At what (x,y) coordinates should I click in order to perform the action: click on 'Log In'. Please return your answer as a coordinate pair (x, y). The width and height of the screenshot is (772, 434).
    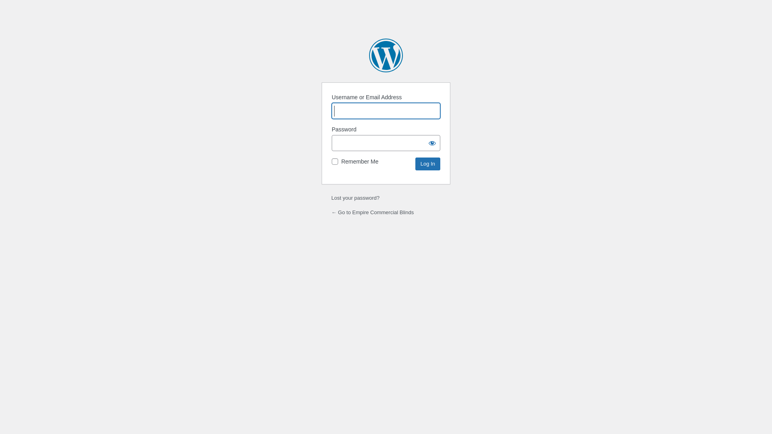
    Looking at the image, I should click on (427, 164).